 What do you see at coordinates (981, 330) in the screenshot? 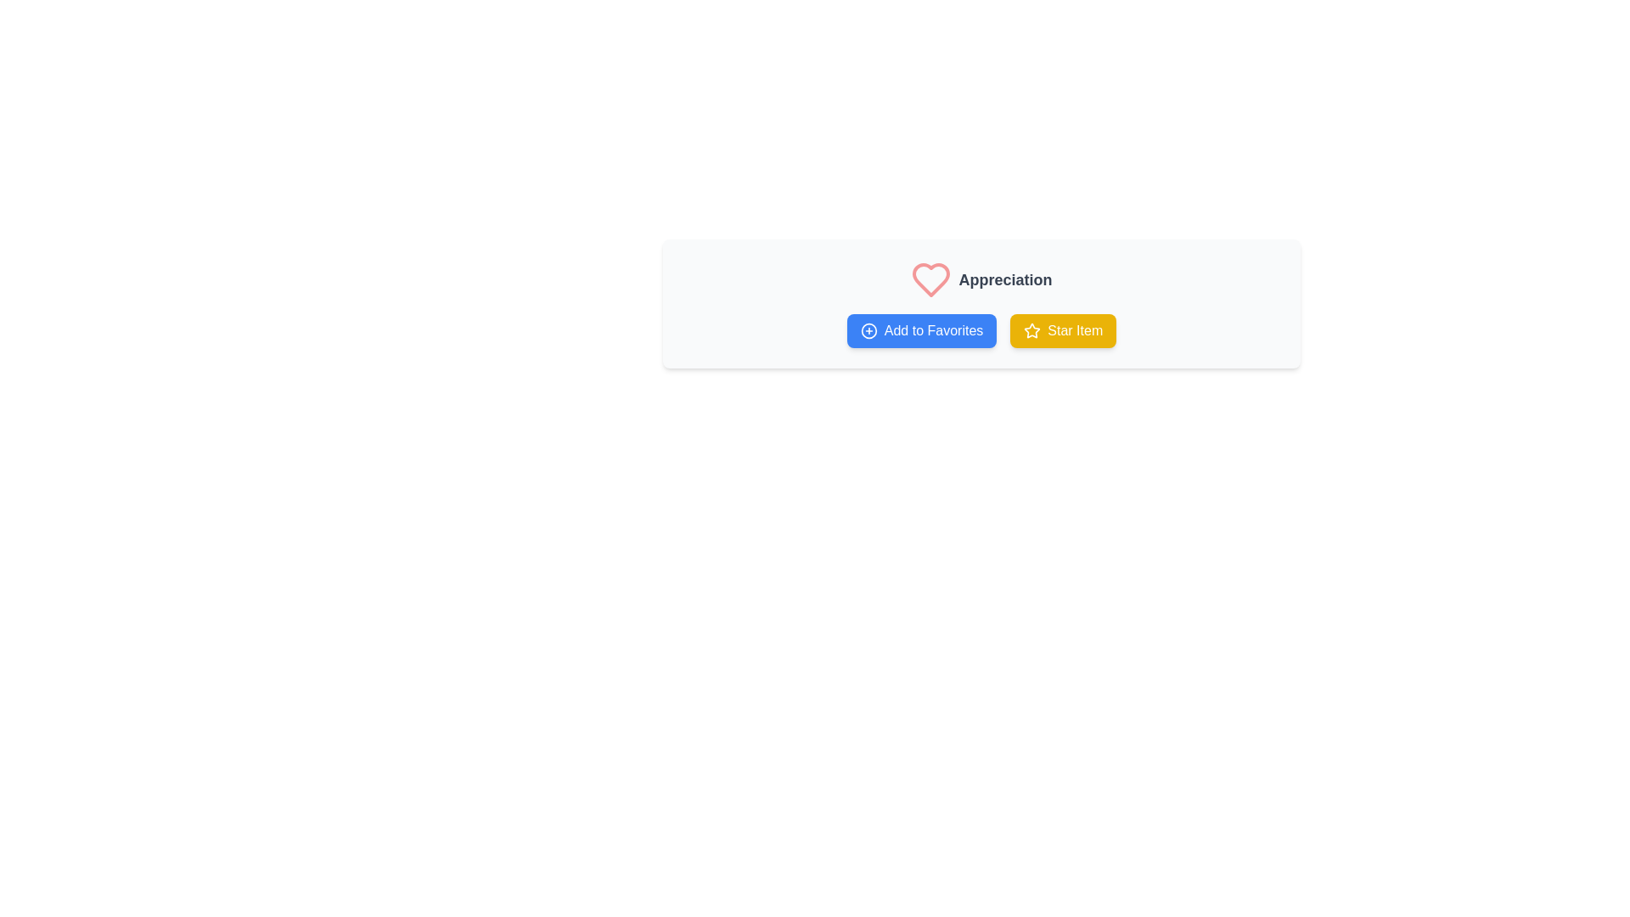
I see `the favorite button located to the left of the 'Star Item' button within the 'Appreciation' section` at bounding box center [981, 330].